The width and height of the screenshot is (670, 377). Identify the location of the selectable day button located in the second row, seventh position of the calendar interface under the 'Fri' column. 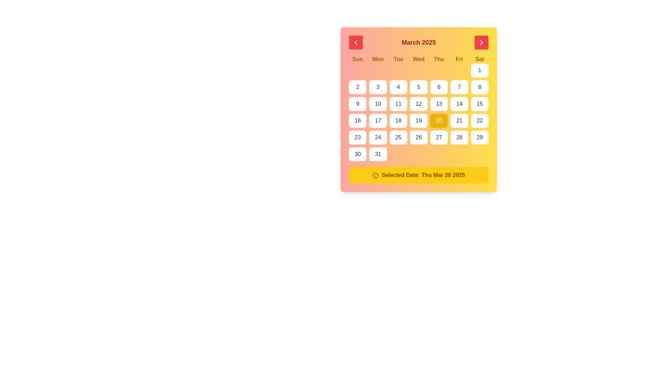
(459, 87).